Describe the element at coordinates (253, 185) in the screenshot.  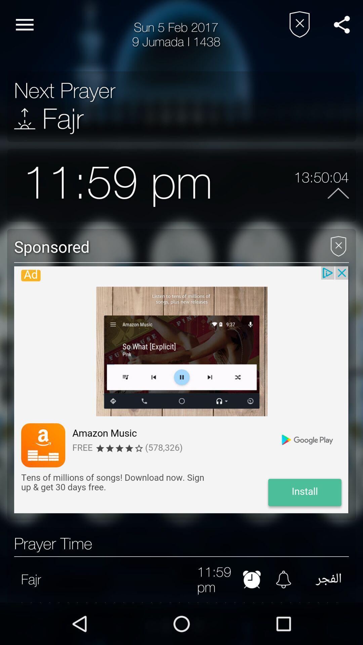
I see `icon to the left of the 13:50:04` at that location.